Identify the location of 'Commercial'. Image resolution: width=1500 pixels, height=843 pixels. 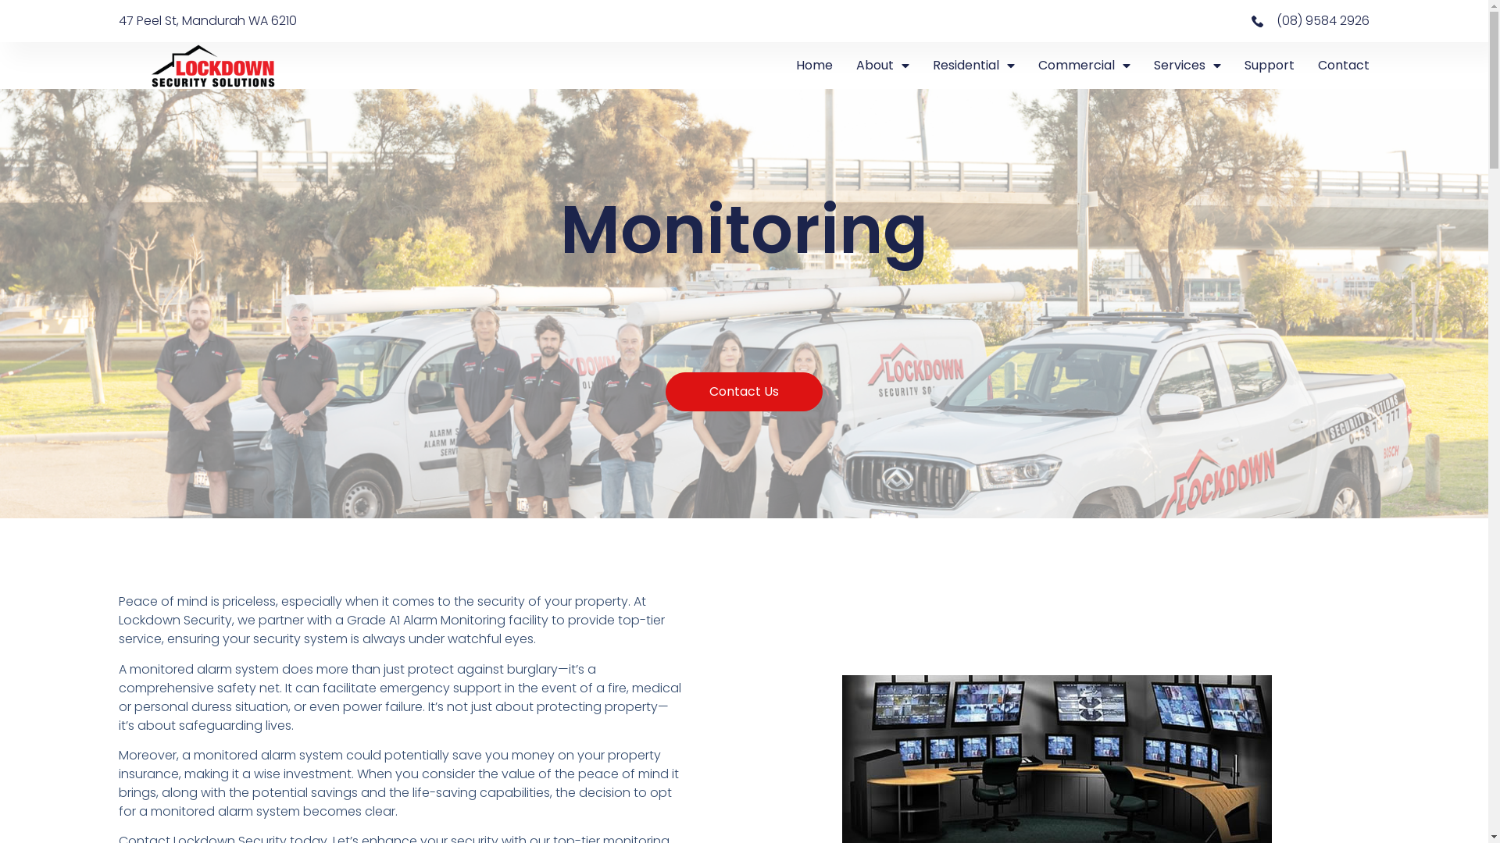
(1083, 65).